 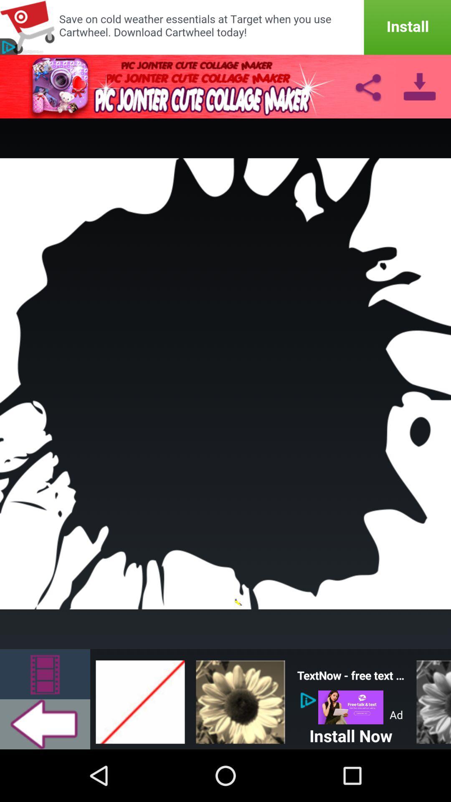 I want to click on initiate download, so click(x=225, y=27).